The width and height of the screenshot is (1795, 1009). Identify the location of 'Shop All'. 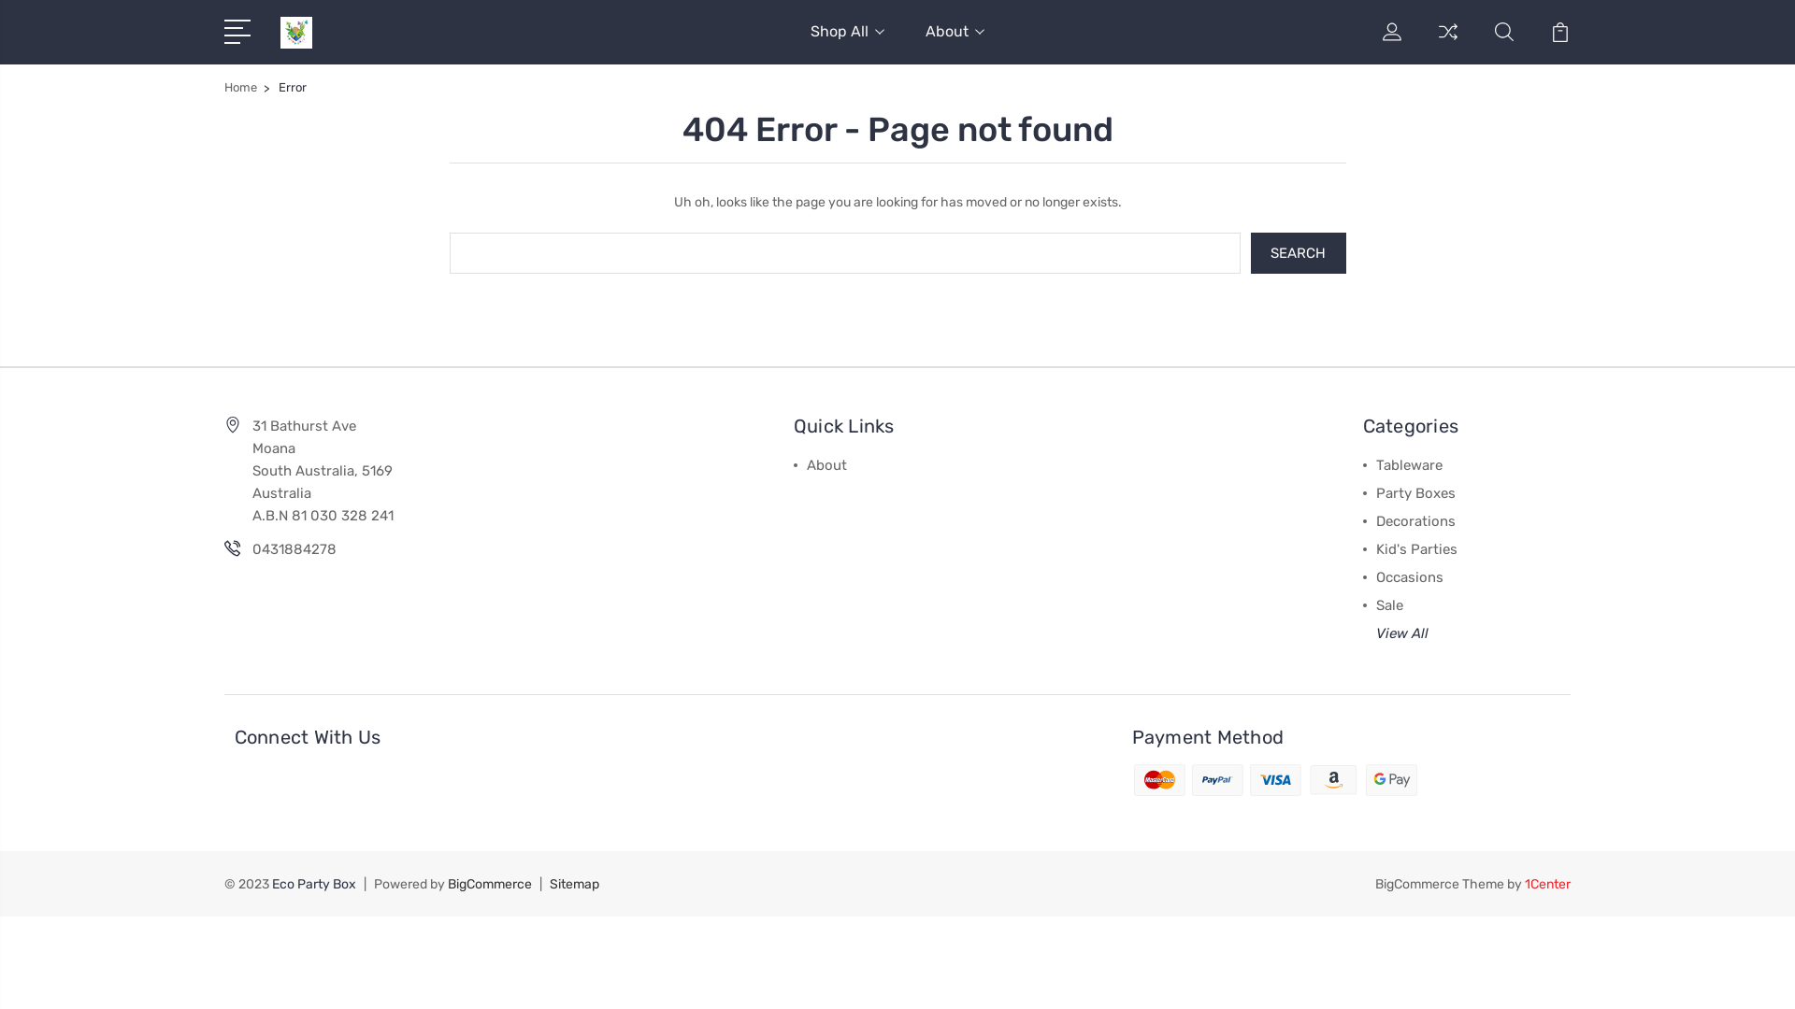
(846, 42).